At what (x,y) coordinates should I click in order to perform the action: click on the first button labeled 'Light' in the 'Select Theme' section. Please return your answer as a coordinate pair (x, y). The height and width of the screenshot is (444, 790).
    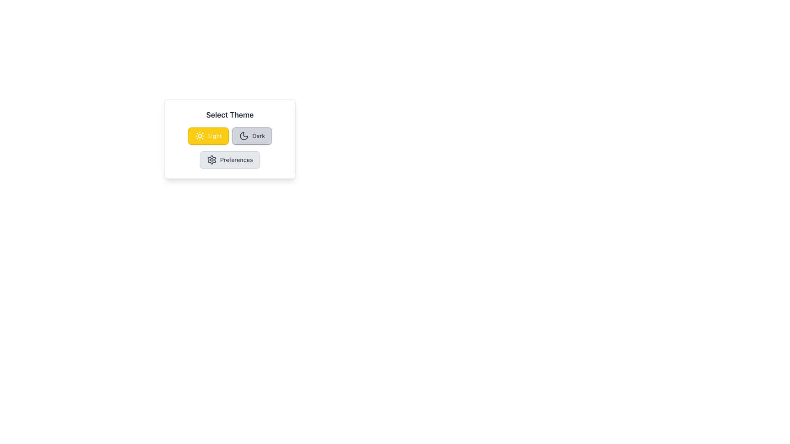
    Looking at the image, I should click on (208, 136).